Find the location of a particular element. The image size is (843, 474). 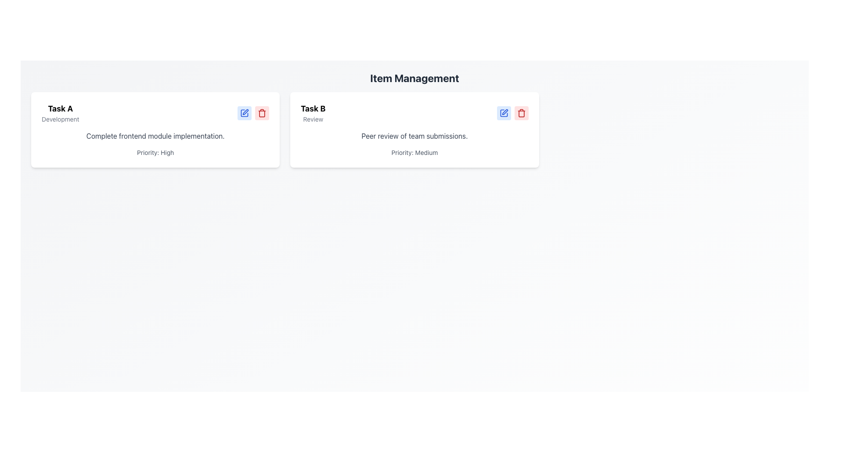

the first icon in the top-right corner of the 'Task B' card is located at coordinates (505, 111).